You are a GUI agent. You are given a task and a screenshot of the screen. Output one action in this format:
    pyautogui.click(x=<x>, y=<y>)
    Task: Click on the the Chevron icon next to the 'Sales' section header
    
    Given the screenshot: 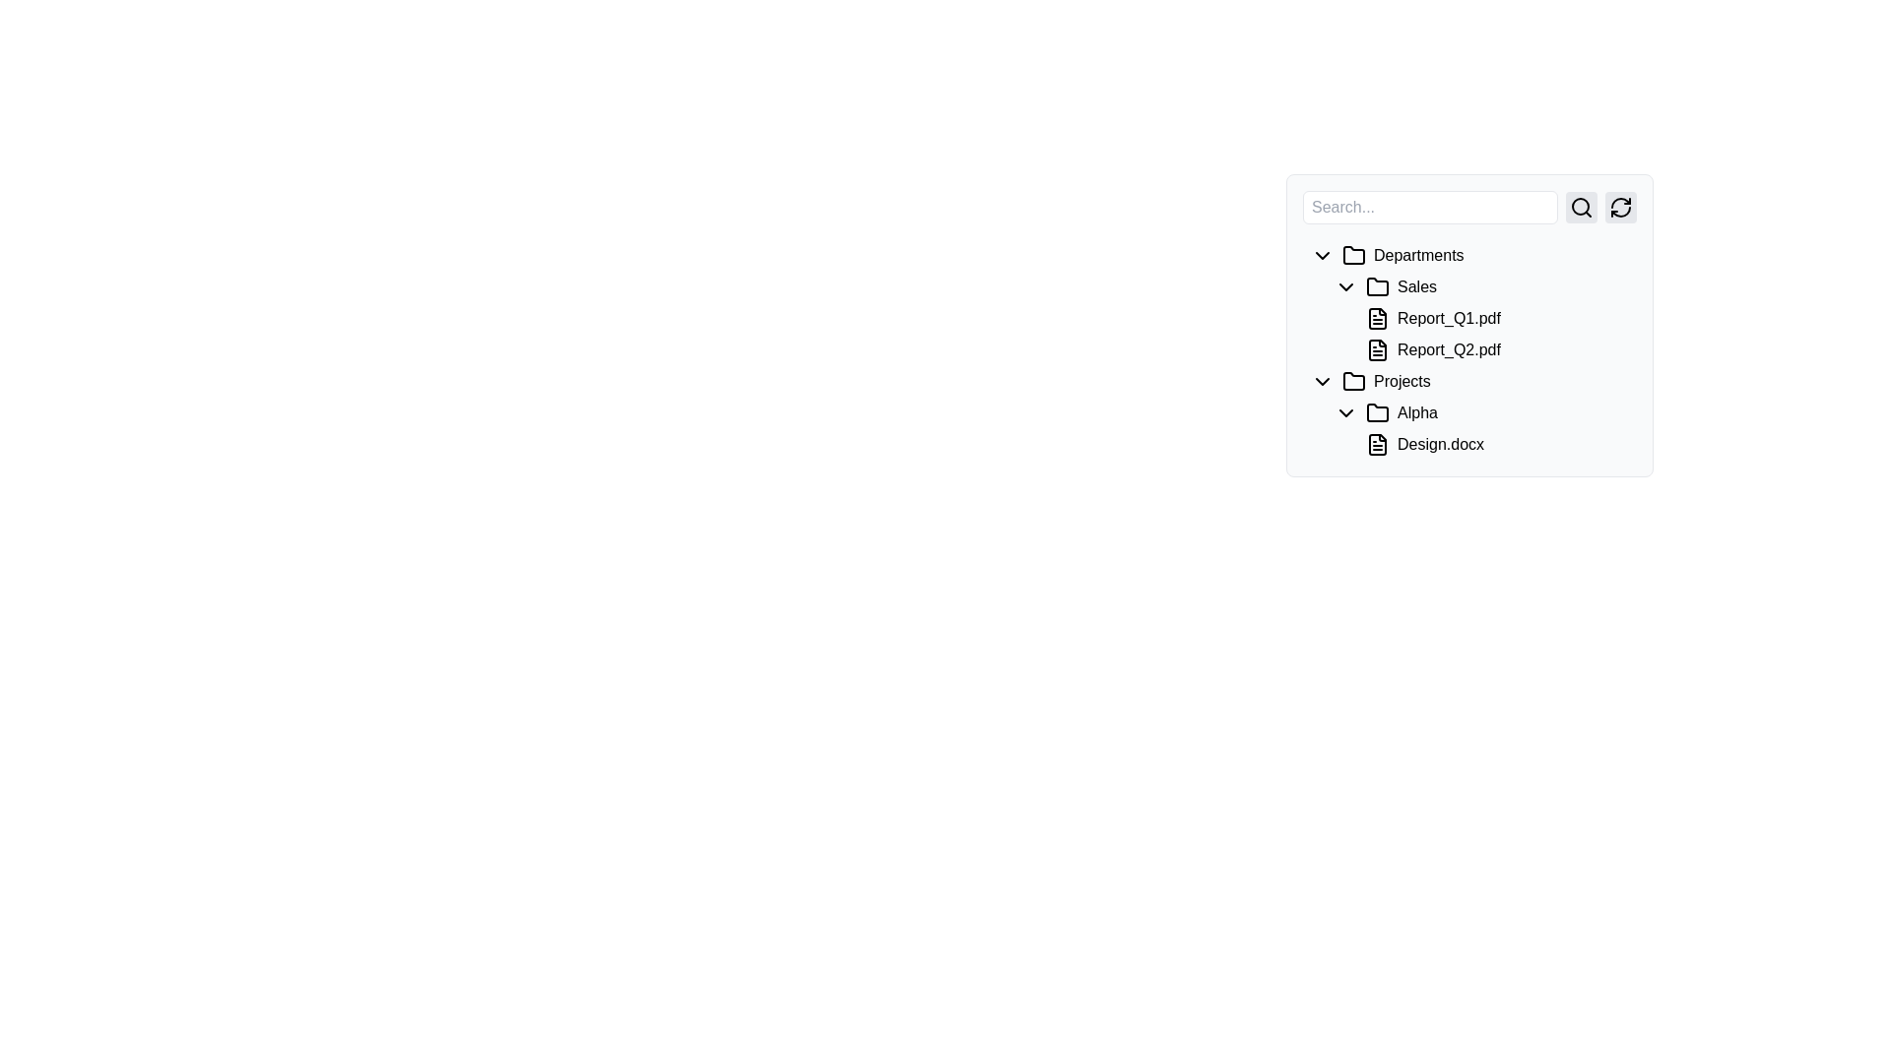 What is the action you would take?
    pyautogui.click(x=1345, y=287)
    